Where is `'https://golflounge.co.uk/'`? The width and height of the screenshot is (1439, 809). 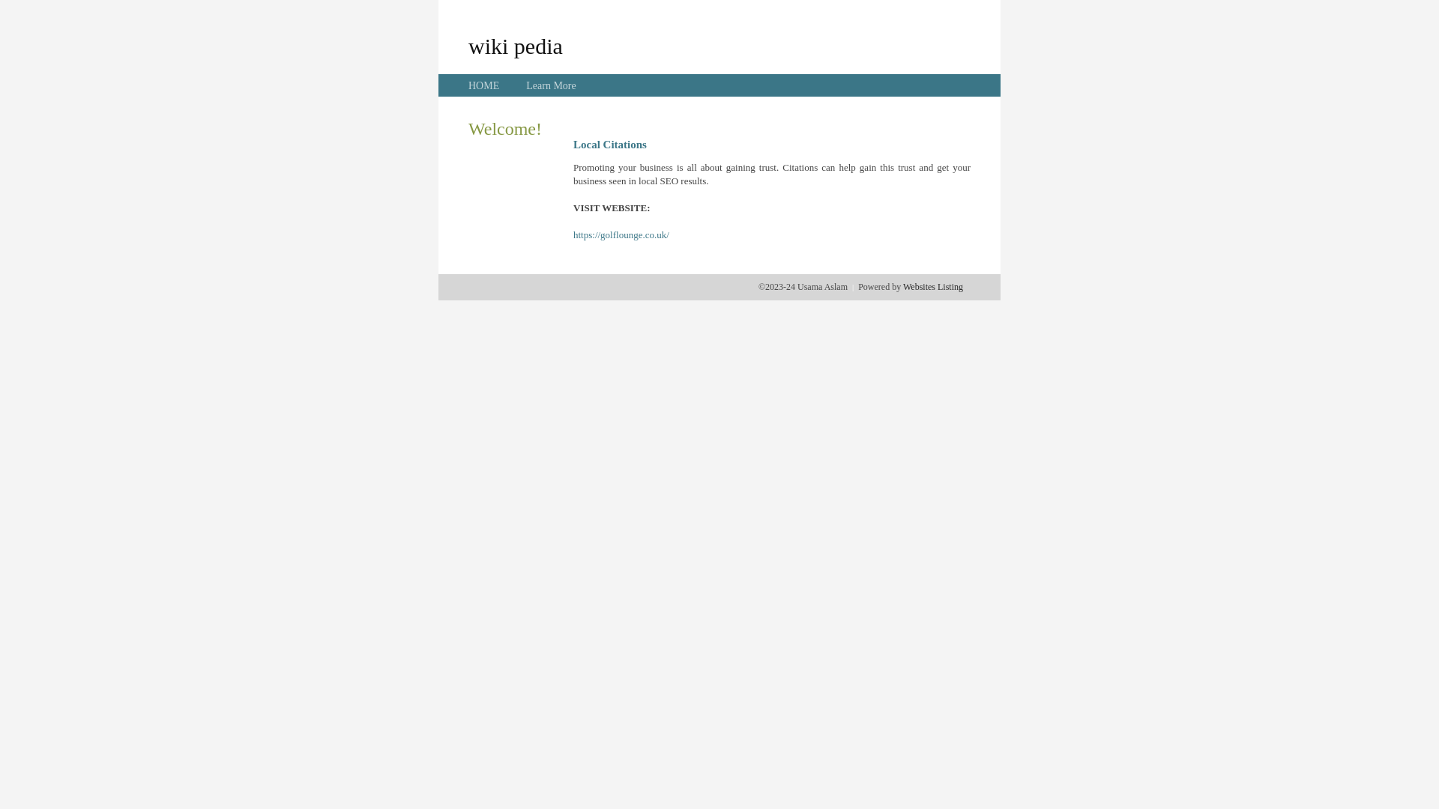
'https://golflounge.co.uk/' is located at coordinates (621, 234).